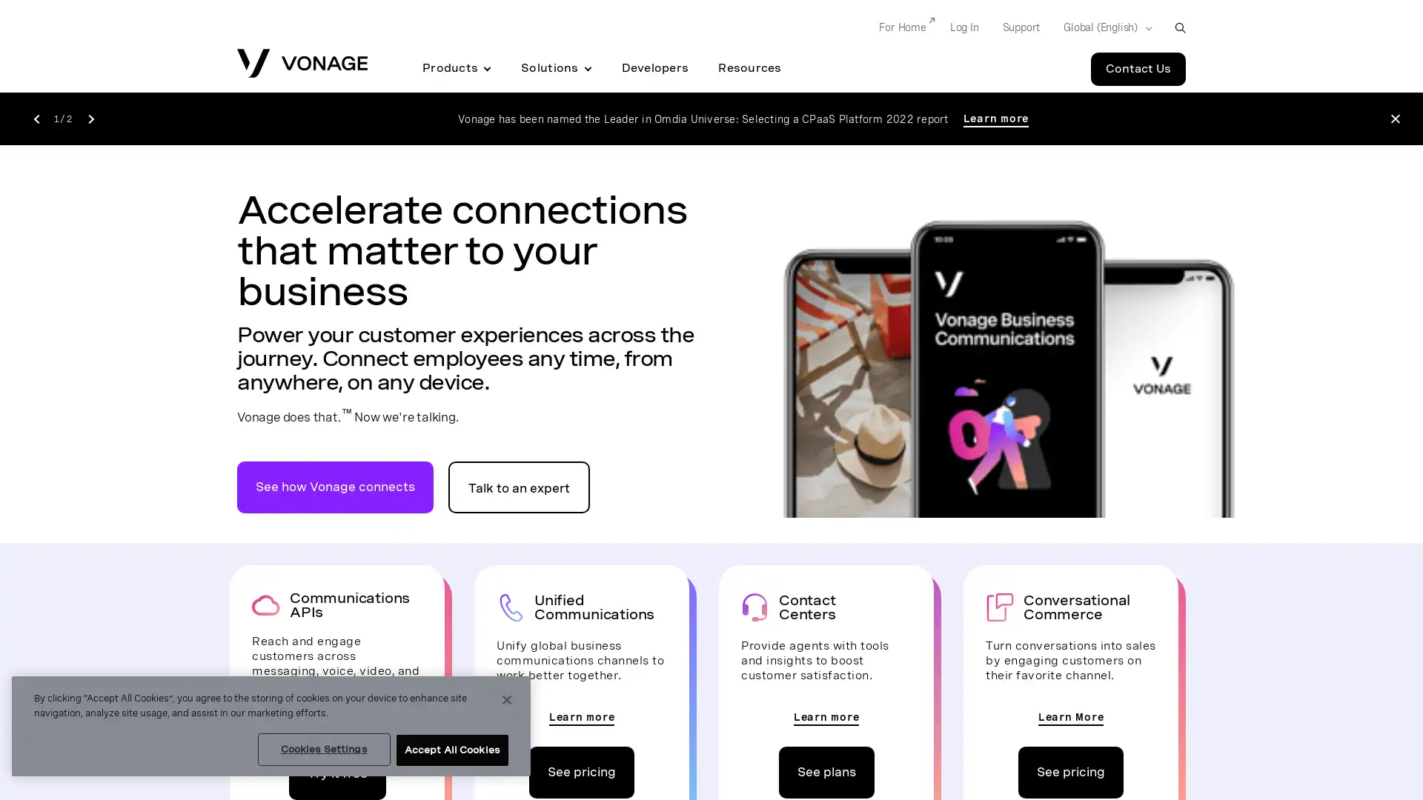 Image resolution: width=1423 pixels, height=800 pixels. What do you see at coordinates (507, 700) in the screenshot?
I see `Close` at bounding box center [507, 700].